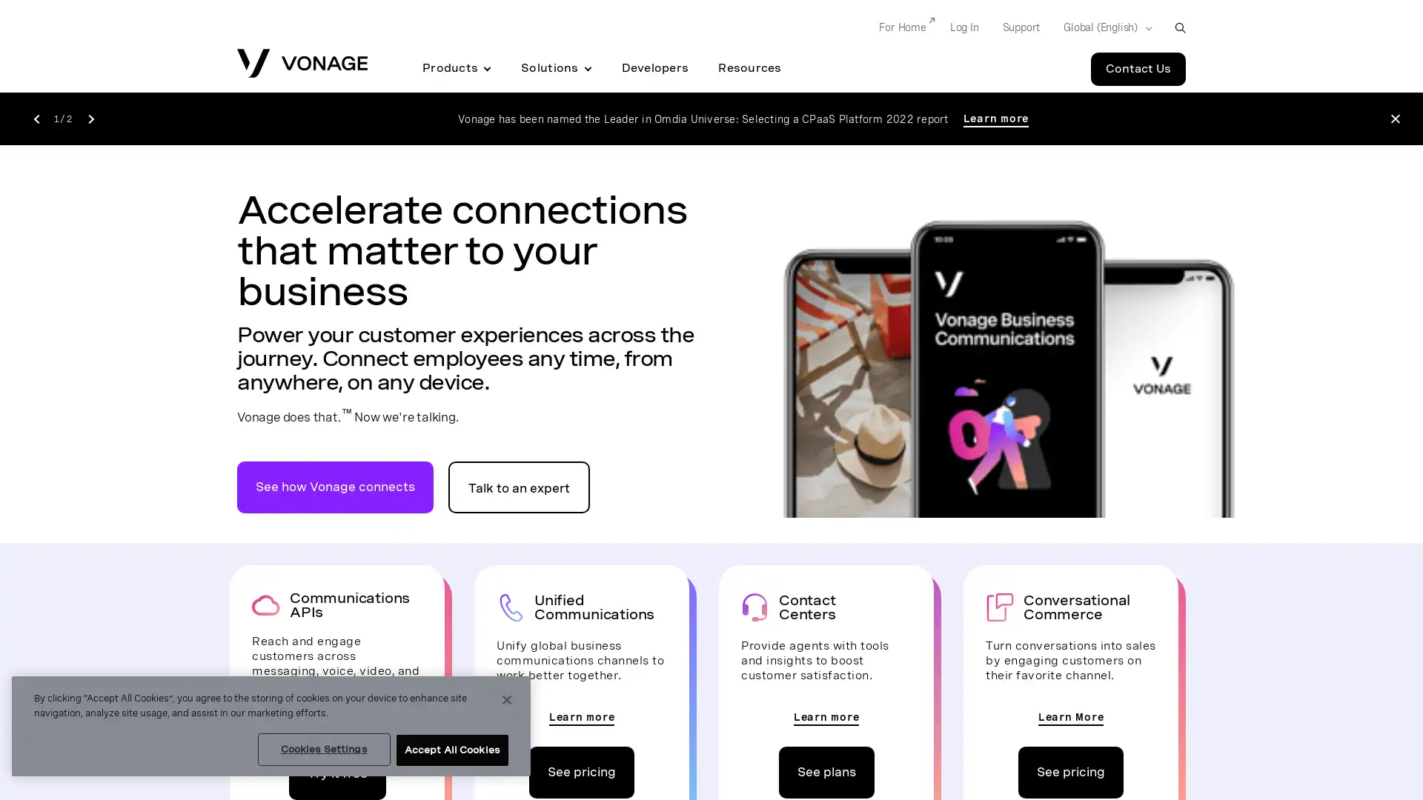 Image resolution: width=1423 pixels, height=800 pixels. What do you see at coordinates (507, 700) in the screenshot?
I see `Close` at bounding box center [507, 700].